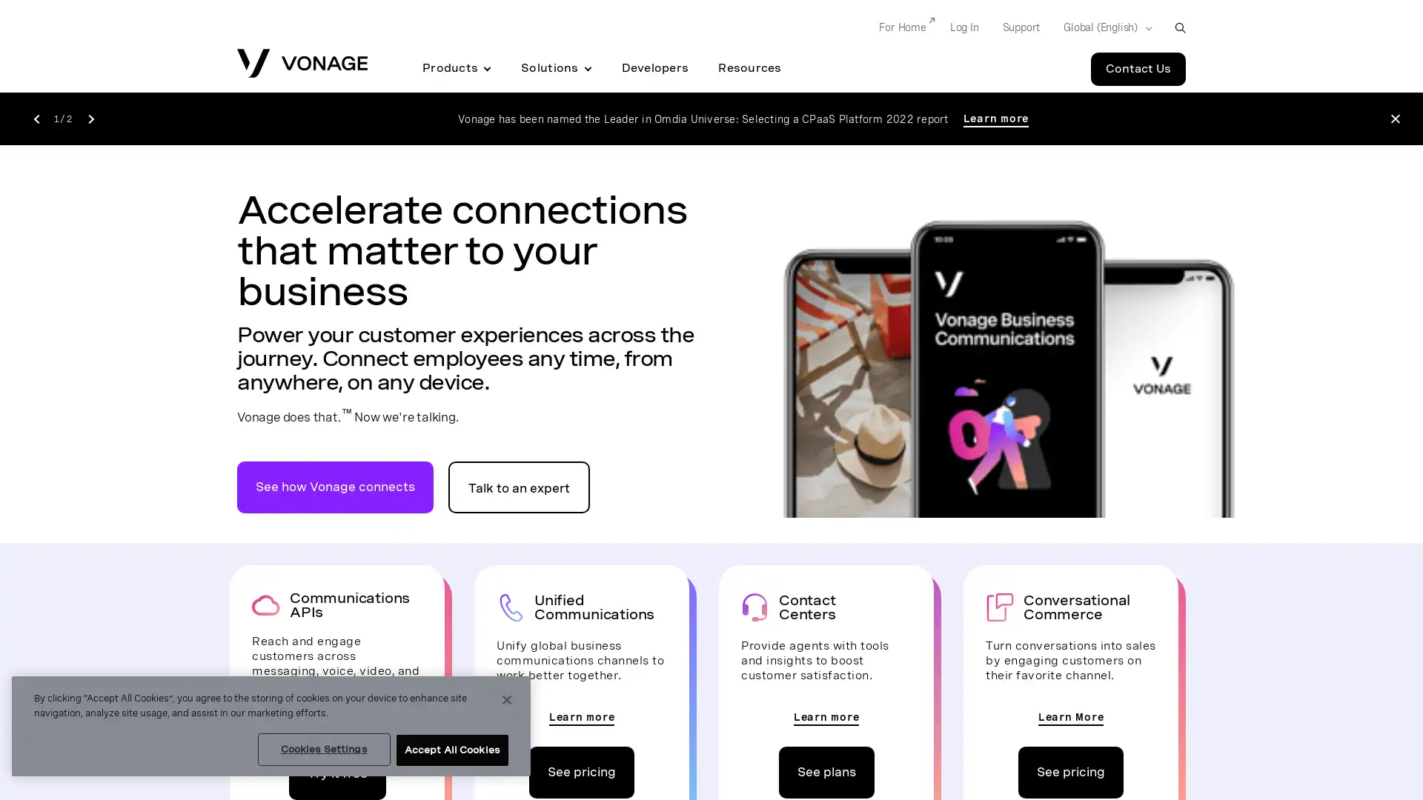 Image resolution: width=1423 pixels, height=800 pixels. What do you see at coordinates (507, 700) in the screenshot?
I see `Close` at bounding box center [507, 700].